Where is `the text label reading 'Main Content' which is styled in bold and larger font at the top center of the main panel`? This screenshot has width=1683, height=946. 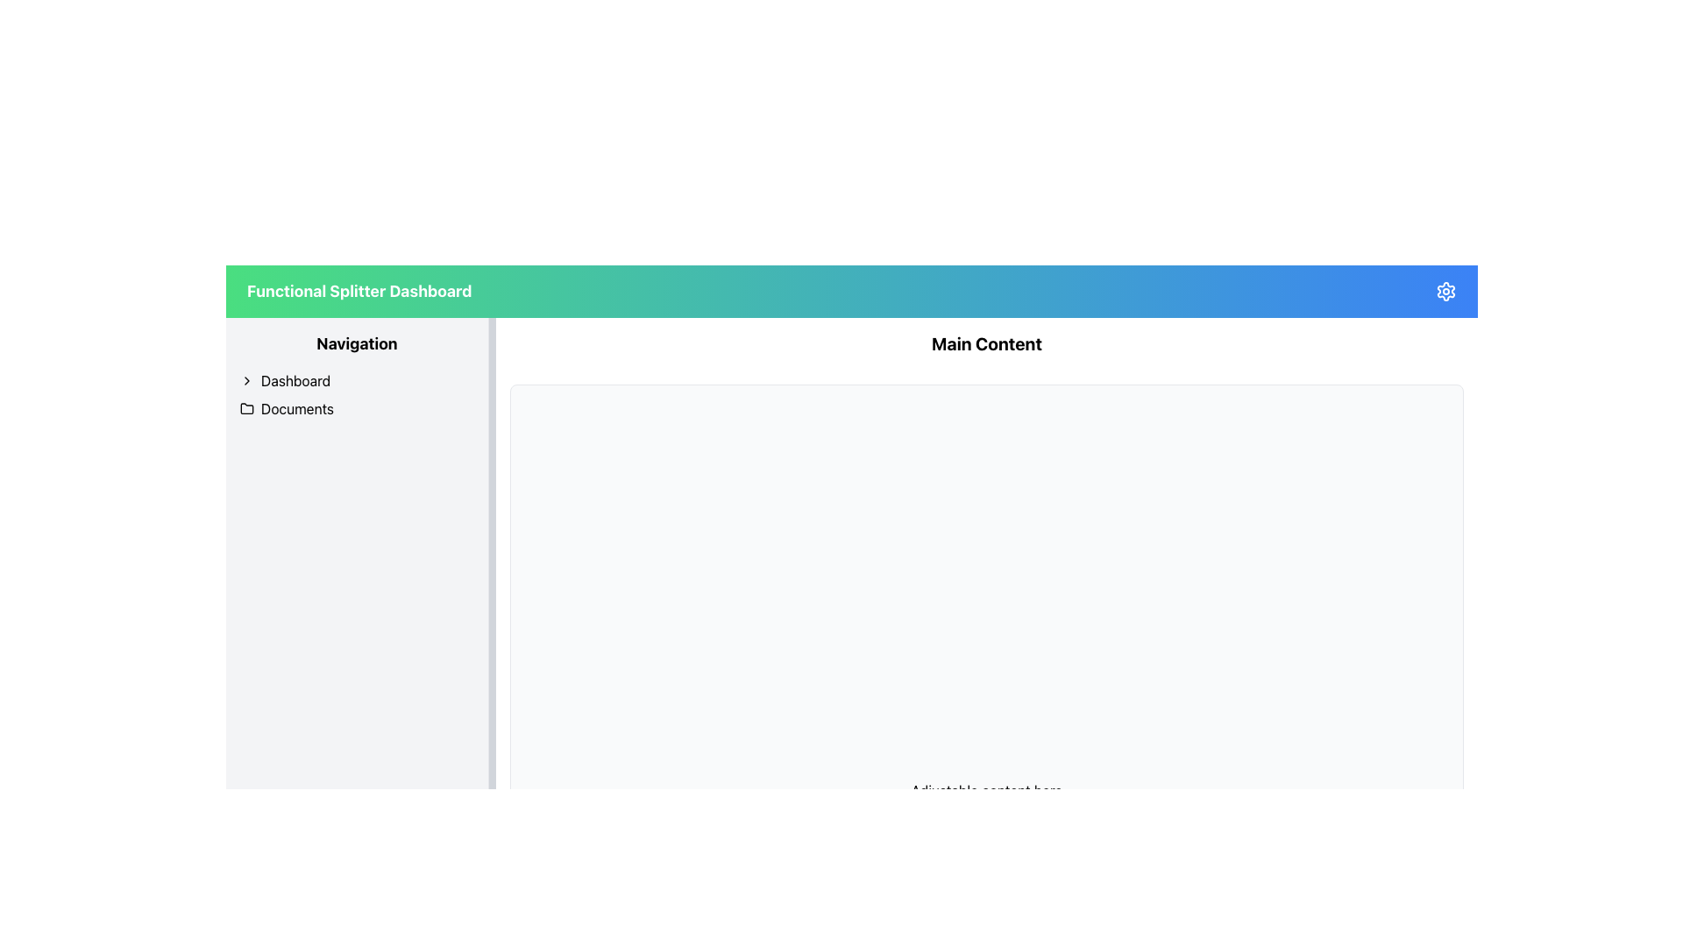
the text label reading 'Main Content' which is styled in bold and larger font at the top center of the main panel is located at coordinates (987, 344).